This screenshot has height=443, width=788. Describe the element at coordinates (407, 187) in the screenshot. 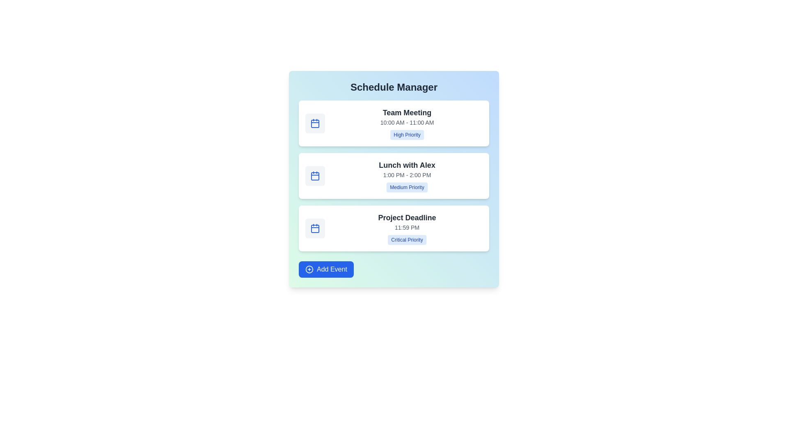

I see `the priority label Medium Priority to focus on it` at that location.